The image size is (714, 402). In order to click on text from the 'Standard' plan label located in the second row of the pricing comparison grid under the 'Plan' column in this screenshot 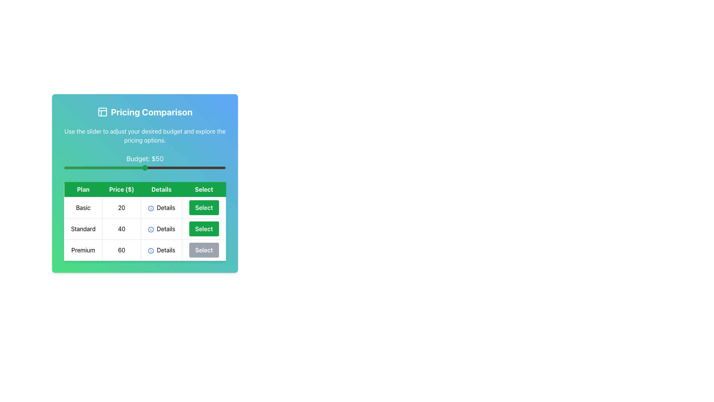, I will do `click(83, 228)`.